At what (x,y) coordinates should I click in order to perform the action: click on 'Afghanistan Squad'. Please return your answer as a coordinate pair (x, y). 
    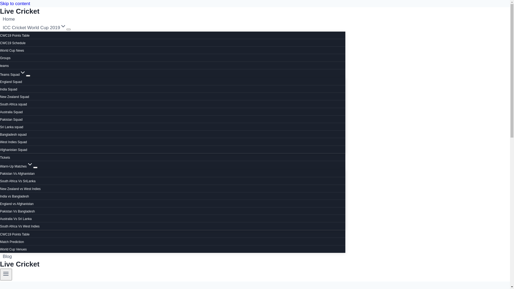
    Looking at the image, I should click on (13, 150).